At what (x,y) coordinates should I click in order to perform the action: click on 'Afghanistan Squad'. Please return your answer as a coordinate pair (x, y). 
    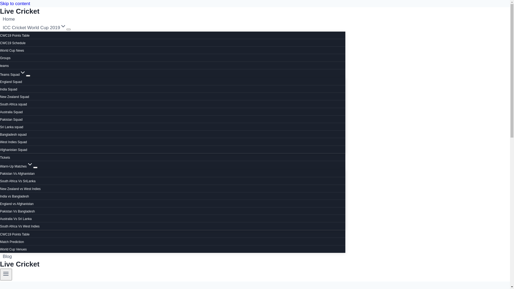
    Looking at the image, I should click on (13, 150).